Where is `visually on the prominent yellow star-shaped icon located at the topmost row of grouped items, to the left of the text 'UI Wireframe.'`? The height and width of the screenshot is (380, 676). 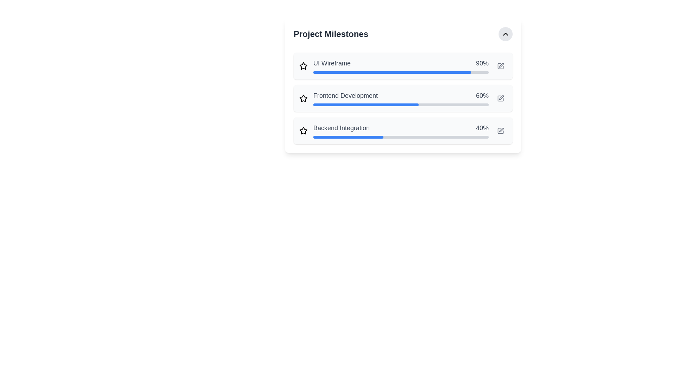
visually on the prominent yellow star-shaped icon located at the topmost row of grouped items, to the left of the text 'UI Wireframe.' is located at coordinates (303, 66).